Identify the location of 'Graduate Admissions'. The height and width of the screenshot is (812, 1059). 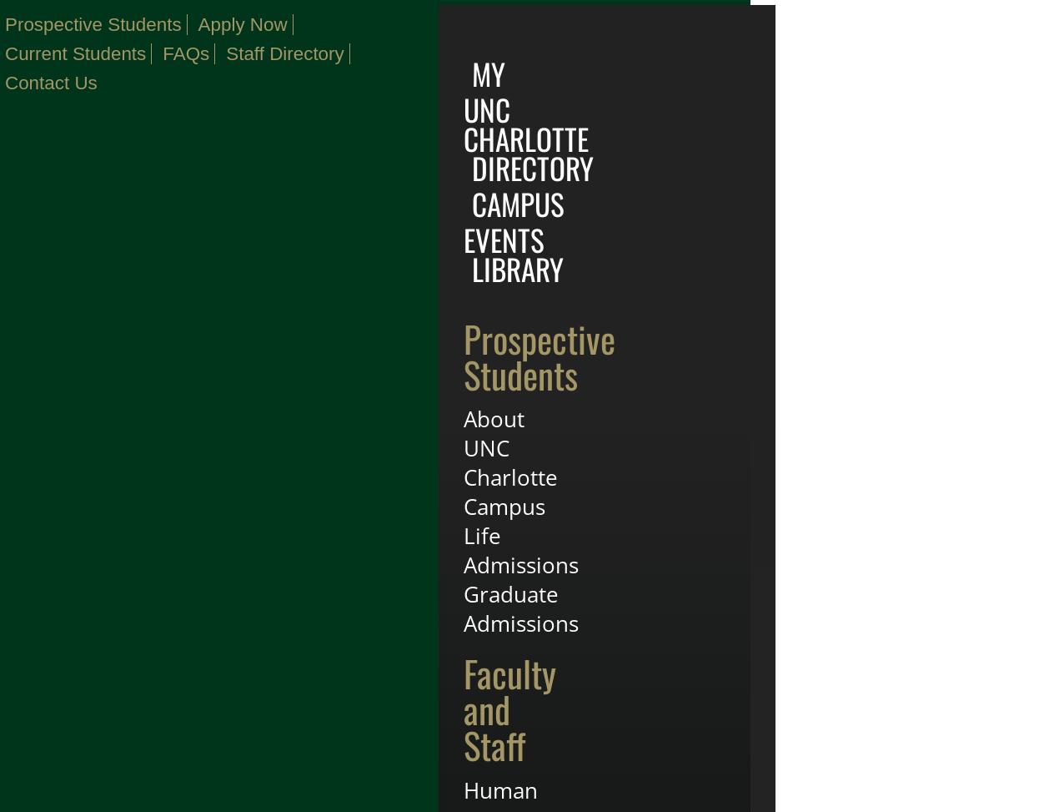
(463, 608).